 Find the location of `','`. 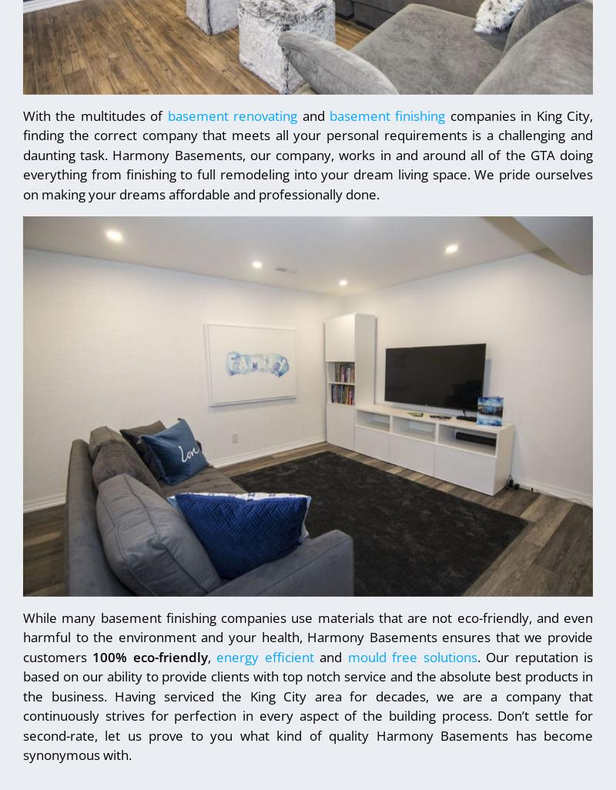

',' is located at coordinates (206, 656).